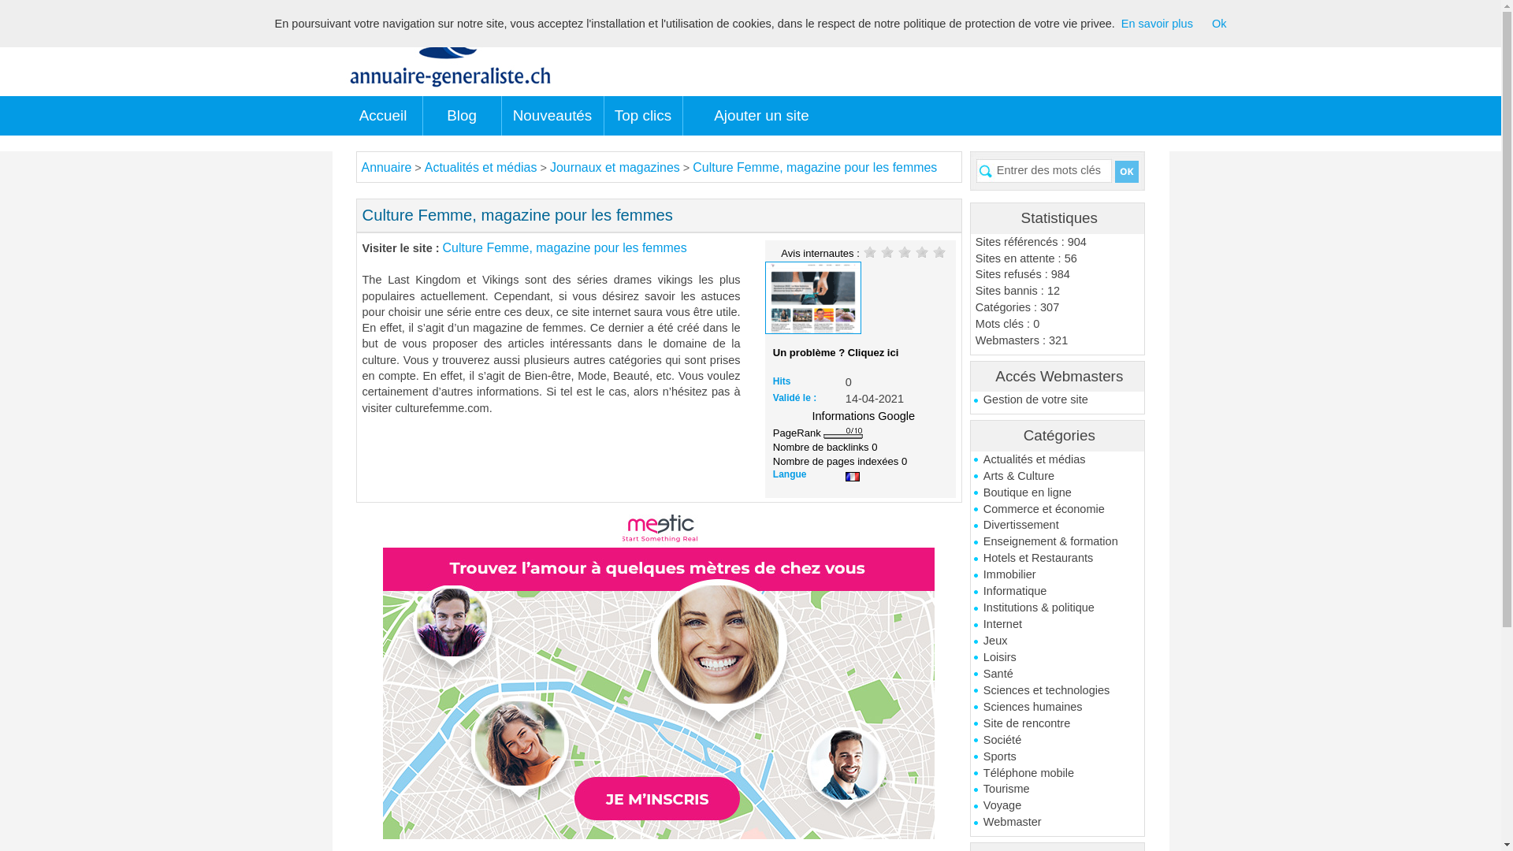 The width and height of the screenshot is (1513, 851). I want to click on 'Divertissement', so click(1058, 525).